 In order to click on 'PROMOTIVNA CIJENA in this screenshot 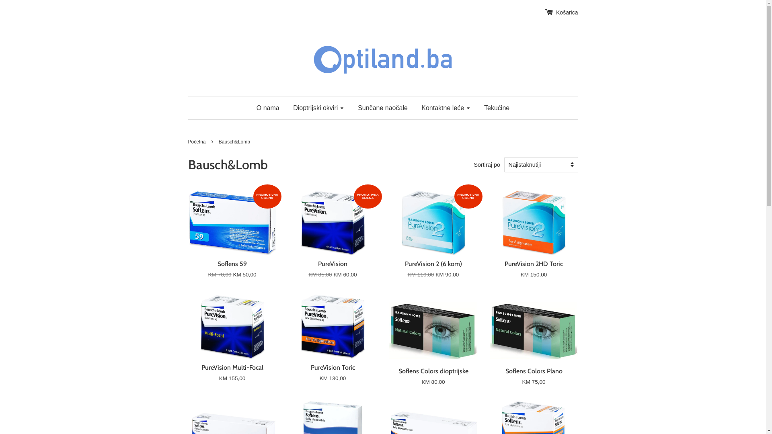, I will do `click(333, 241)`.